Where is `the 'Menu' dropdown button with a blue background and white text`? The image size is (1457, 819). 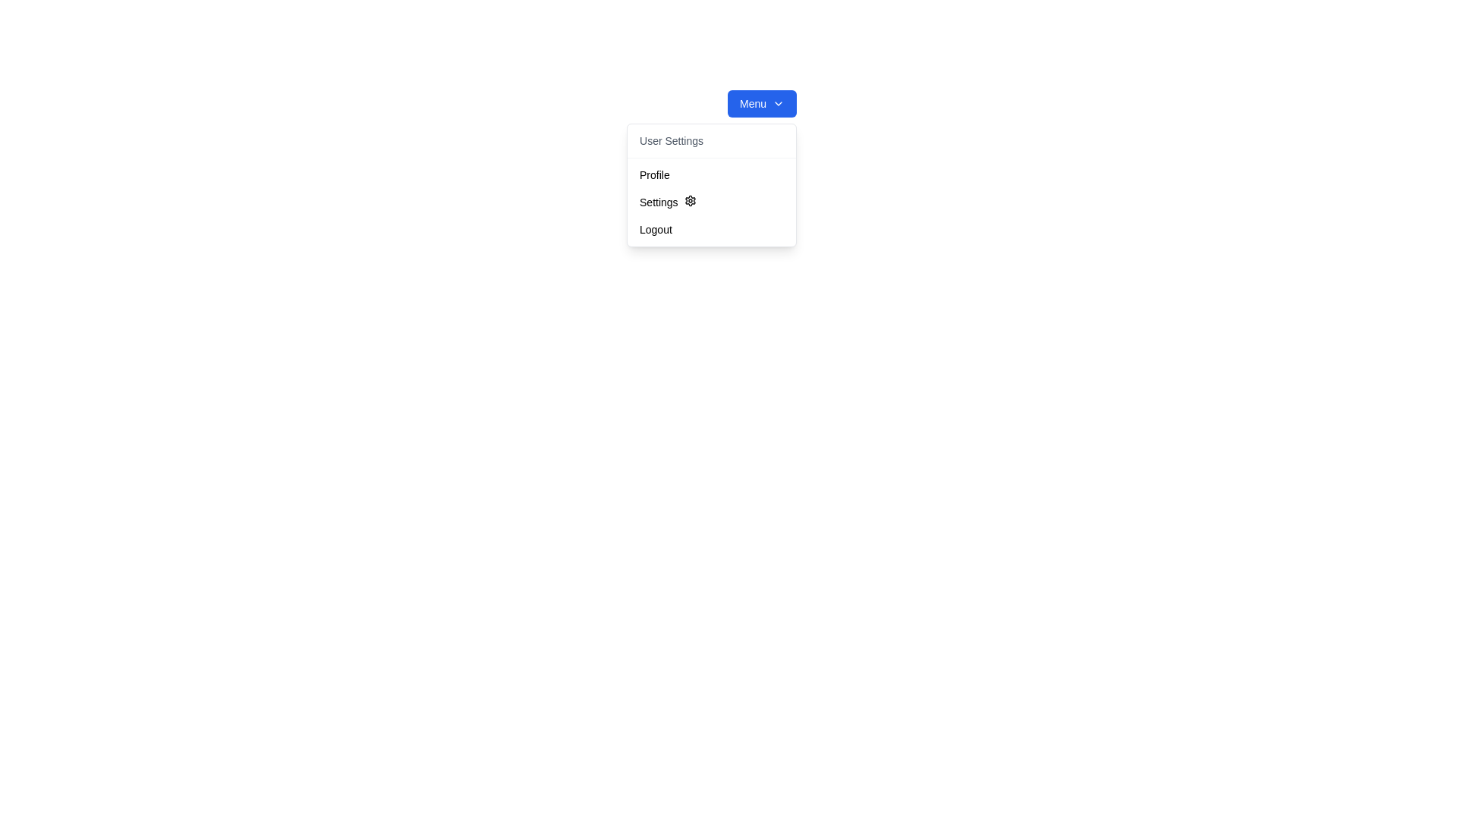 the 'Menu' dropdown button with a blue background and white text is located at coordinates (762, 103).